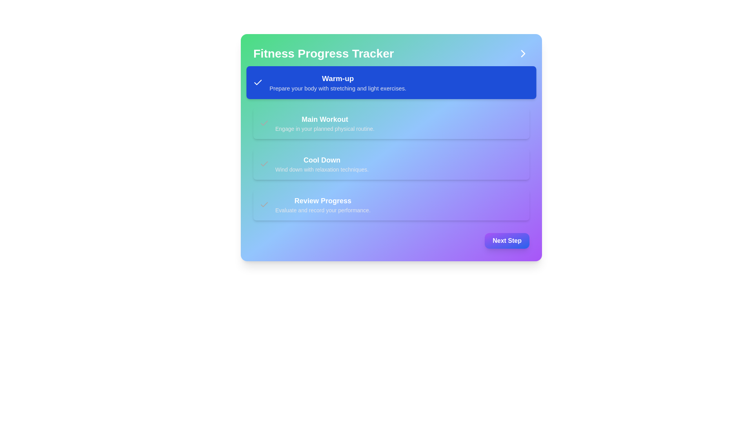 This screenshot has width=753, height=423. Describe the element at coordinates (391, 123) in the screenshot. I see `the 'Main Workout' labeled card element, which is the second card in the 'Fitness Progress Tracker' section` at that location.